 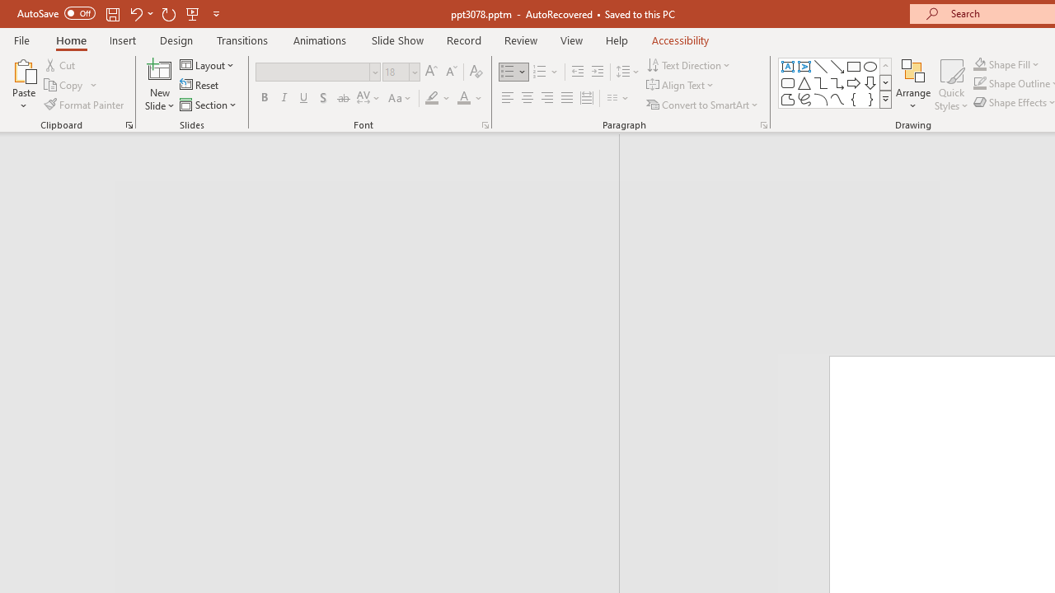 I want to click on 'Convert to SmartArt', so click(x=703, y=105).